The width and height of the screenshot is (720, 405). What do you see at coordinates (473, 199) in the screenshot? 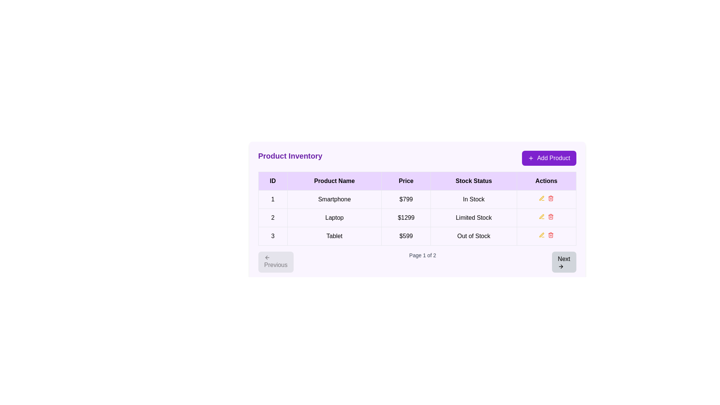
I see `the 'In Stock' text label, which is styled with a padded border and located in the first row under the 'Stock Status' column, adjacent to the '$799' cell and the 'Actions' column` at bounding box center [473, 199].